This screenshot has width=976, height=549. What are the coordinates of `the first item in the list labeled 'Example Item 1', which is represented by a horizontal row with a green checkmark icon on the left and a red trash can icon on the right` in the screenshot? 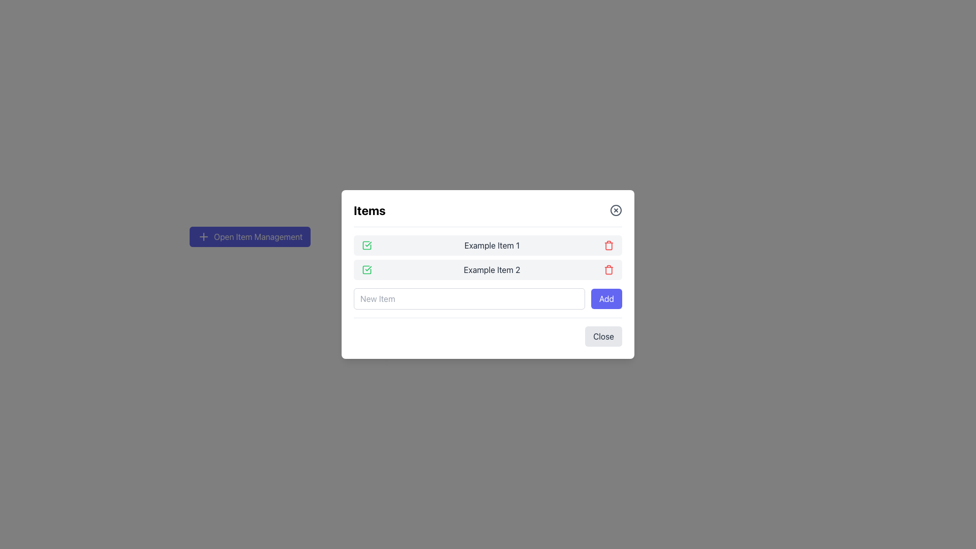 It's located at (488, 245).